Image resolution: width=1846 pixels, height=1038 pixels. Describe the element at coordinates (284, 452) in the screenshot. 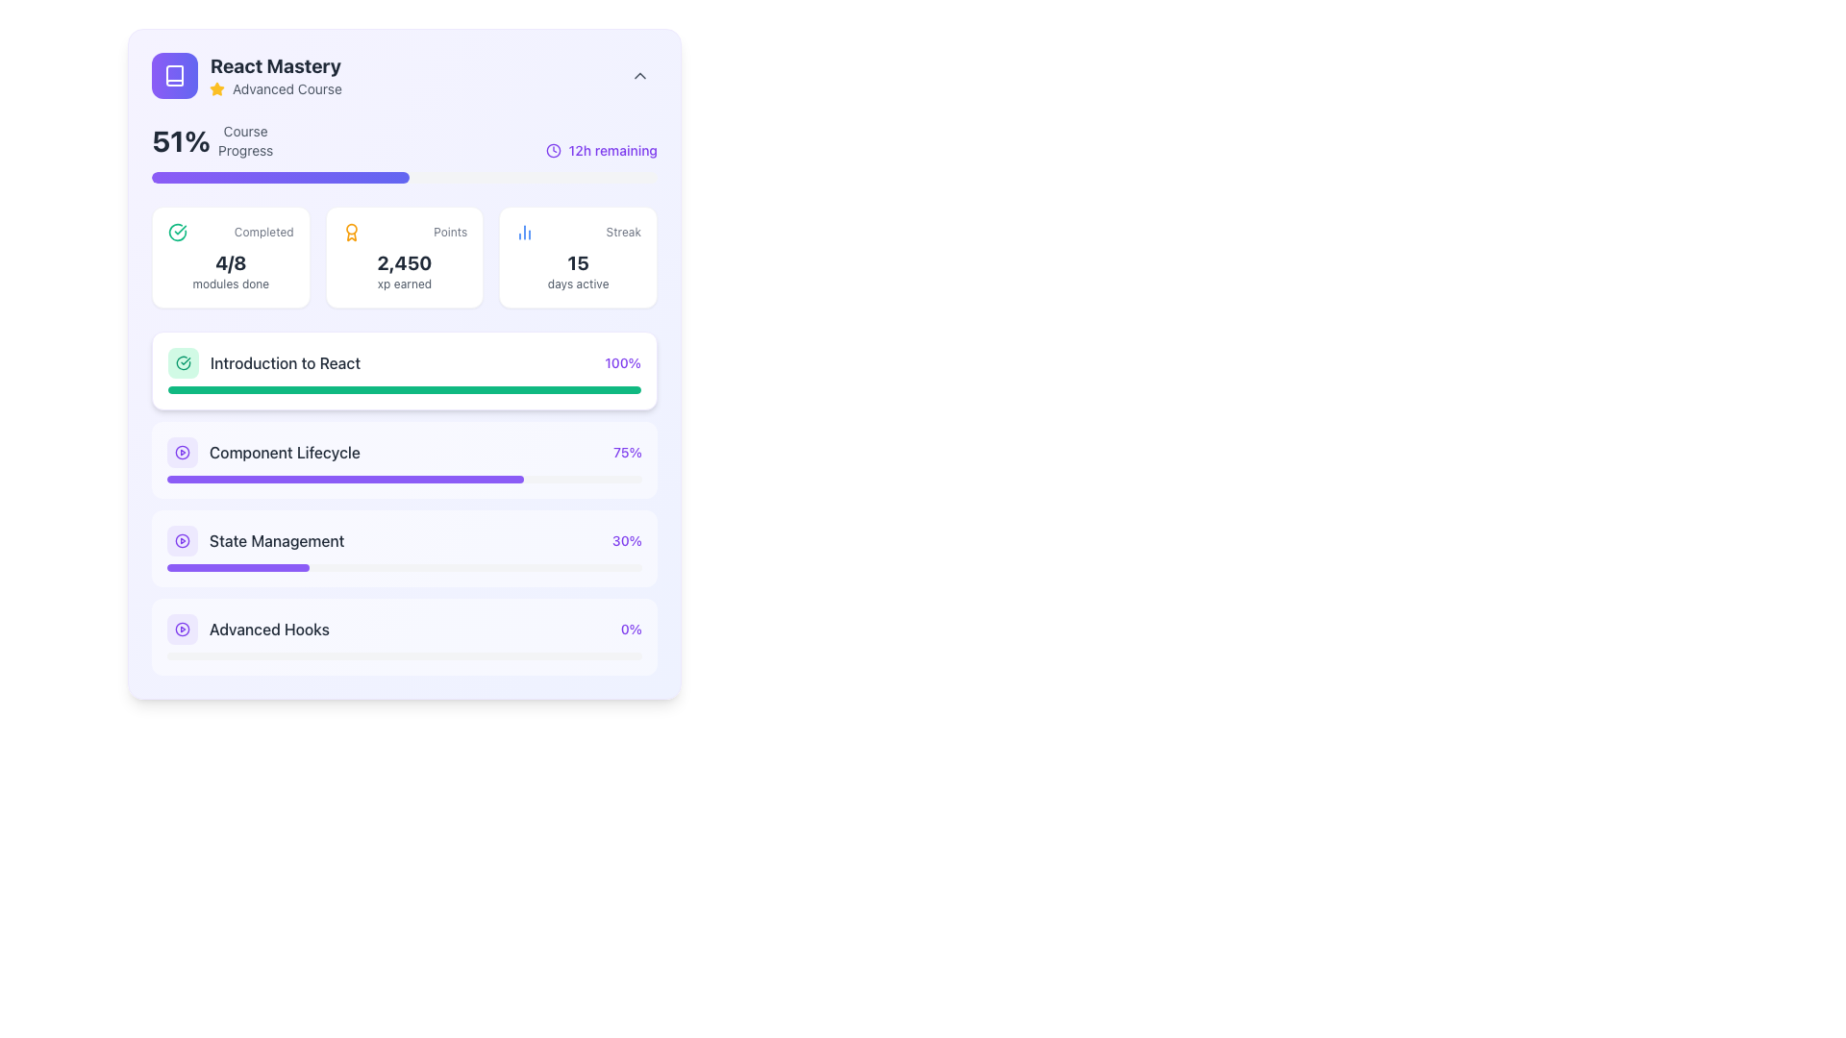

I see `text label indicating the topic name, which is located underneath the 'Introduction to React' section and above the 'State Management' section` at that location.